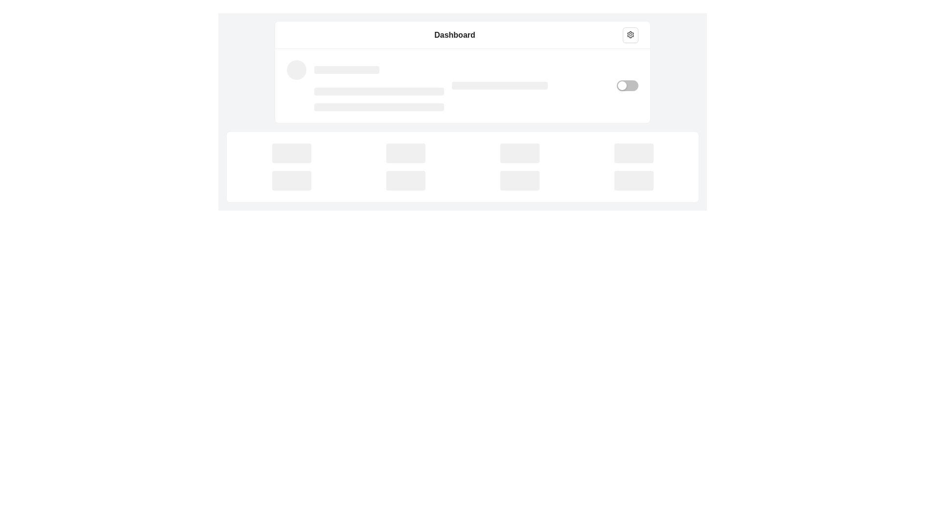 The width and height of the screenshot is (940, 529). I want to click on the skeleton placeholder button, which indicates a loading state for a button or interactive component, to observe potential styling effects, so click(405, 153).